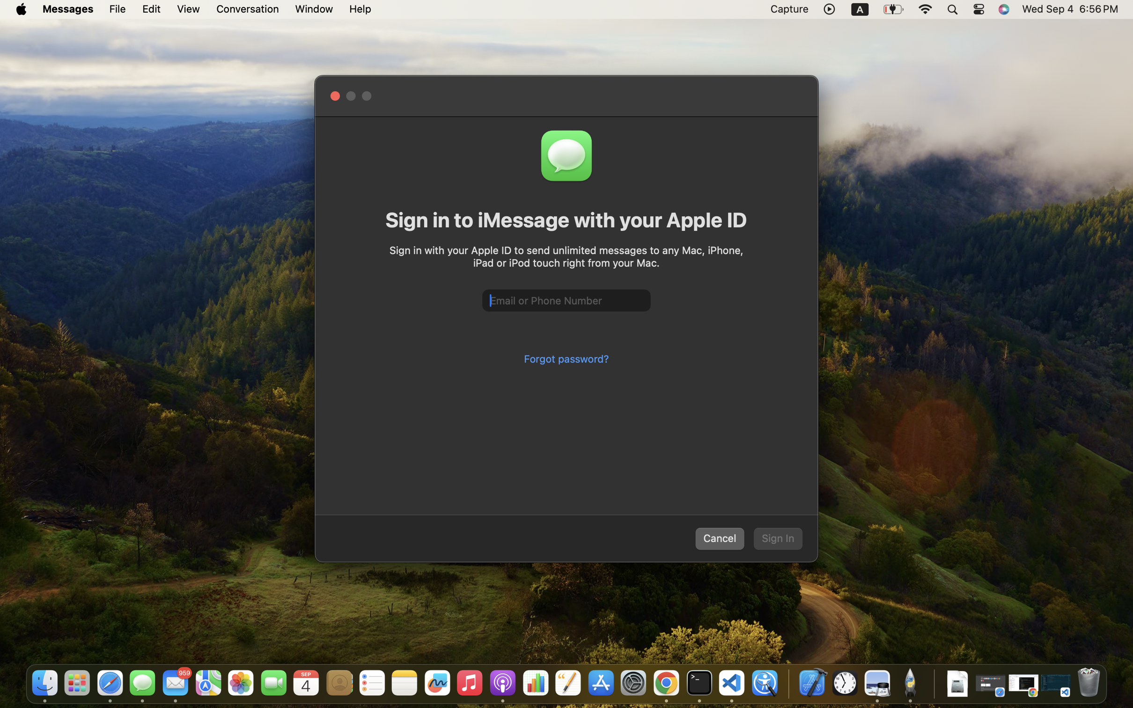  Describe the element at coordinates (787, 683) in the screenshot. I see `'0.4285714328289032'` at that location.